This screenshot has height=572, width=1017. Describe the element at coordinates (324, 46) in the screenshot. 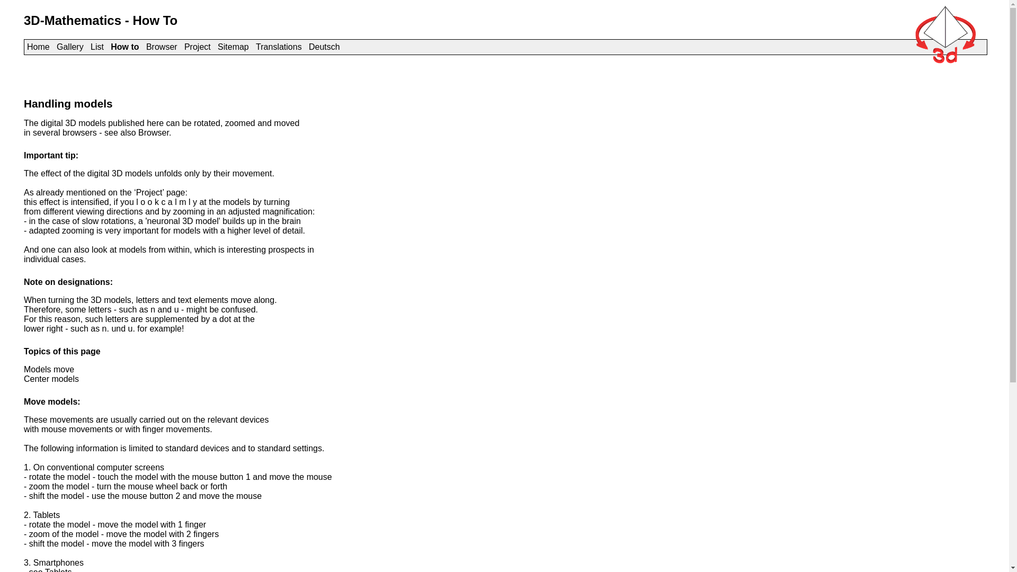

I see `'Deutsch'` at that location.